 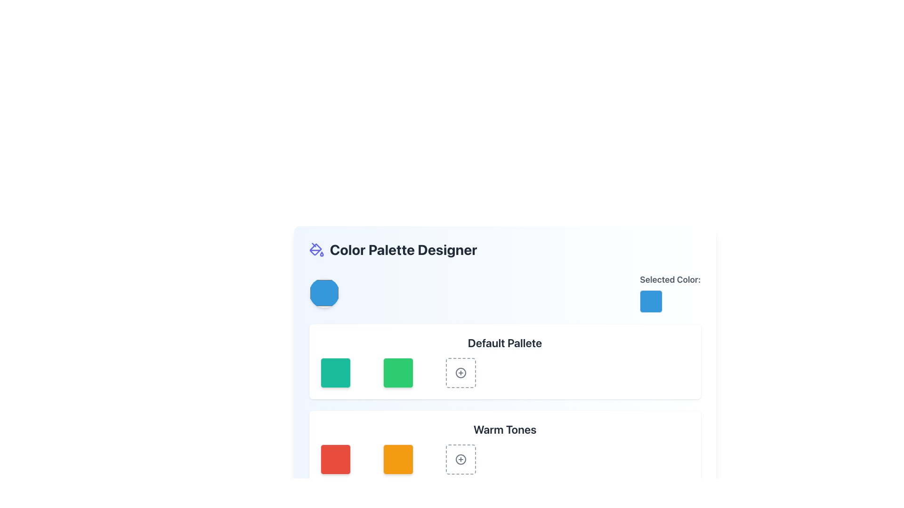 What do you see at coordinates (335, 459) in the screenshot?
I see `the first red color swatch in the 'Warm Tones' color palette` at bounding box center [335, 459].